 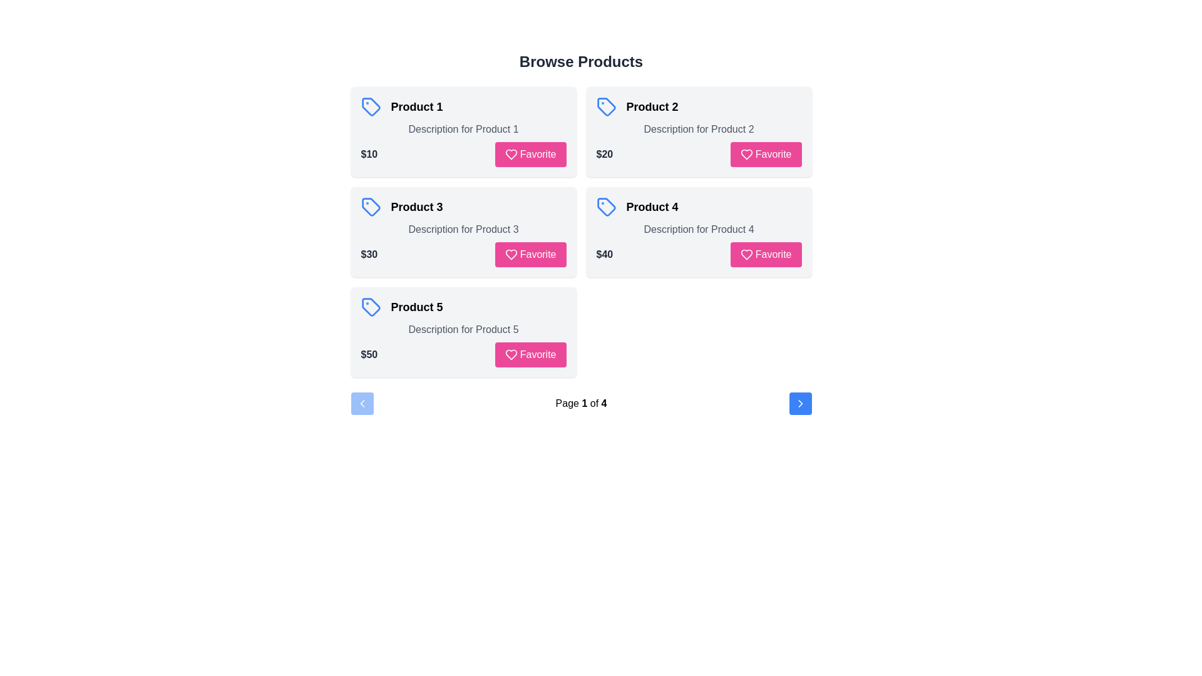 What do you see at coordinates (746, 153) in the screenshot?
I see `the heart-shaped icon of the favorite button located to the left of the 'Favorite' label for 'Product 2' with a pink background` at bounding box center [746, 153].